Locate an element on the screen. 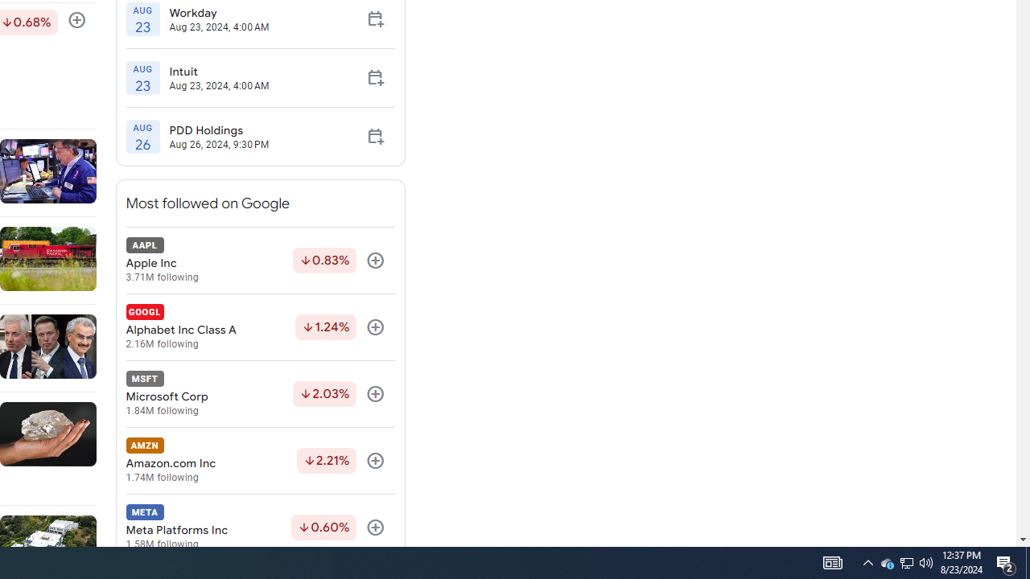 The width and height of the screenshot is (1030, 579). 'AAPL Apple Inc 3.71M following Down by 0.83% Follow' is located at coordinates (260, 260).